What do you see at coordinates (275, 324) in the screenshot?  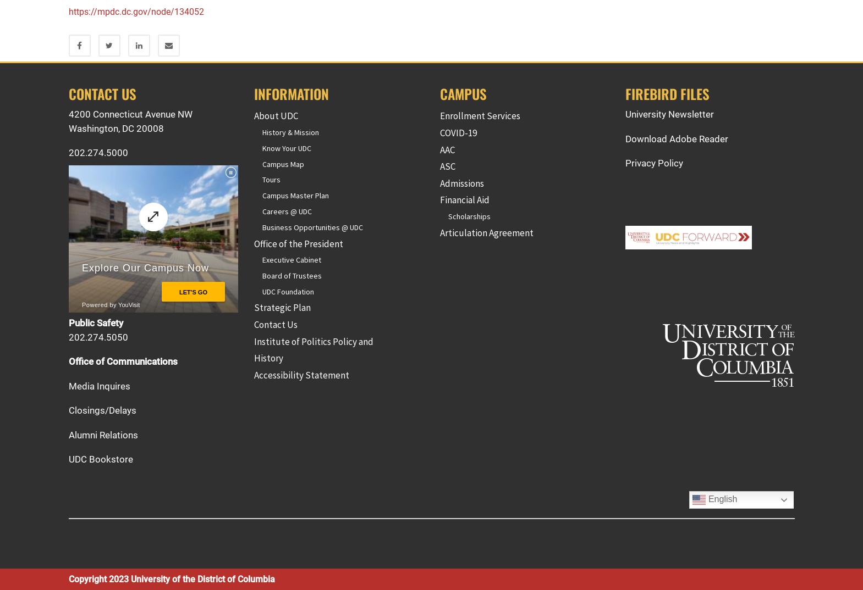 I see `'Contact Us'` at bounding box center [275, 324].